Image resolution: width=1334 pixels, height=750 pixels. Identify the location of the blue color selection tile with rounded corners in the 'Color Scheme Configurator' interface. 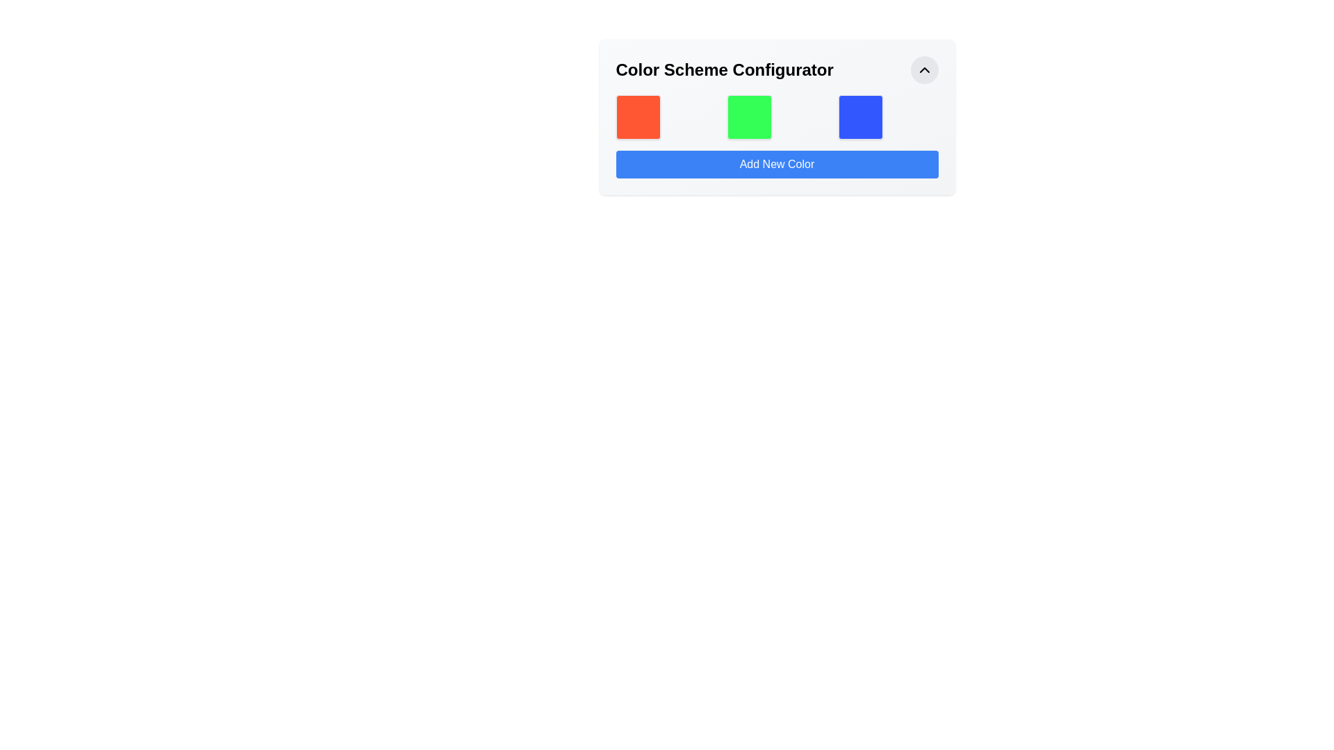
(859, 117).